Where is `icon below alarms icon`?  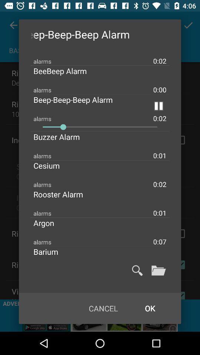 icon below alarms icon is located at coordinates (100, 127).